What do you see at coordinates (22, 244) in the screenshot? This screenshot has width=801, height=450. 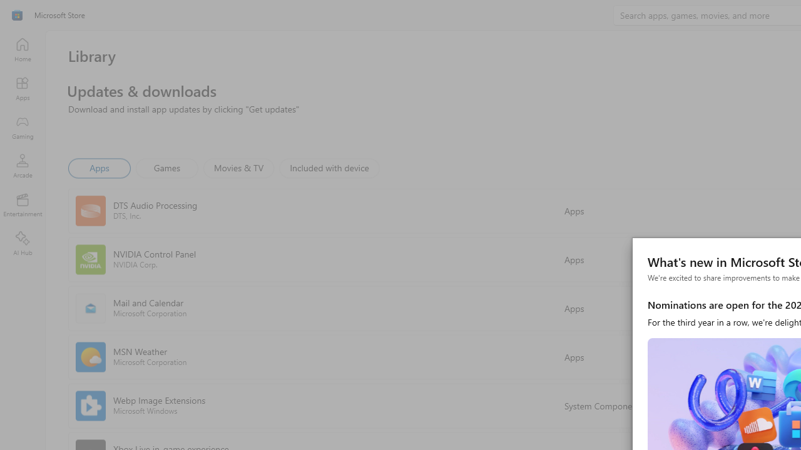 I see `'AI Hub'` at bounding box center [22, 244].